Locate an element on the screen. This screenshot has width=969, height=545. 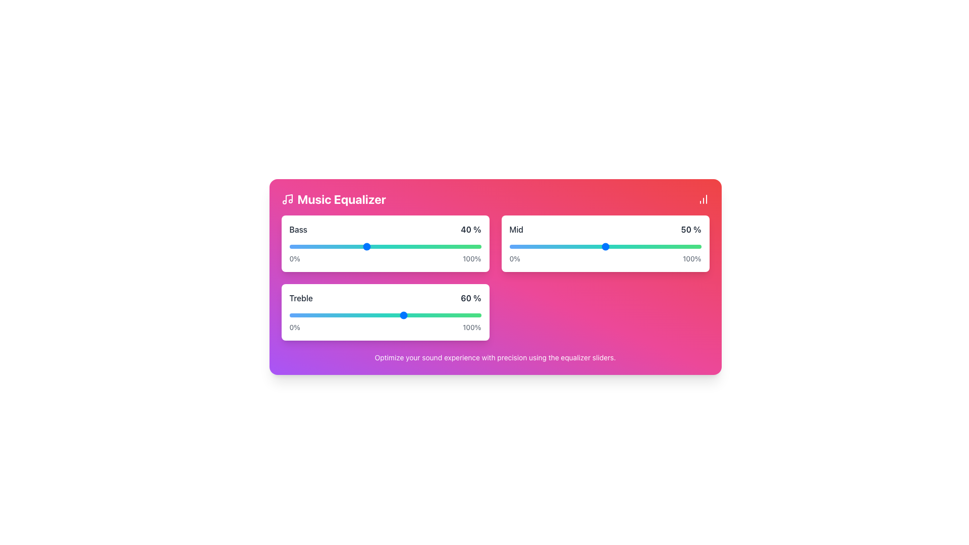
the '100%' text label, which represents the upper limit of the scale for the associated slider, located at the top-right quadrant under the horizontal slider in the 'Mid' setting component is located at coordinates (691, 258).